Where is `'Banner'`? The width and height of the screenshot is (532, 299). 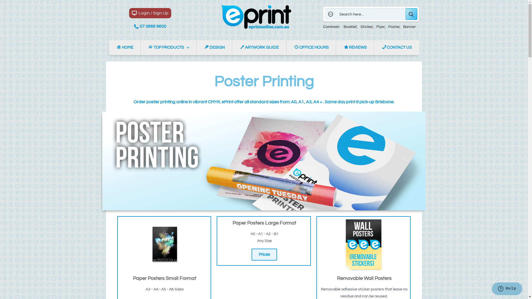 'Banner' is located at coordinates (403, 27).